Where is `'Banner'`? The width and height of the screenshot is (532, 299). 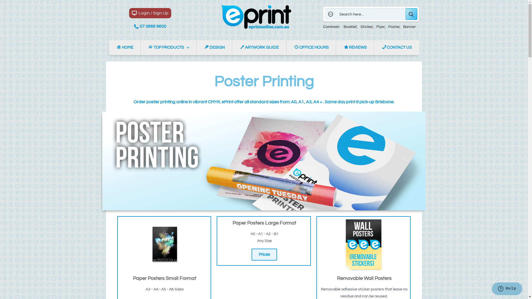 'Banner' is located at coordinates (403, 27).